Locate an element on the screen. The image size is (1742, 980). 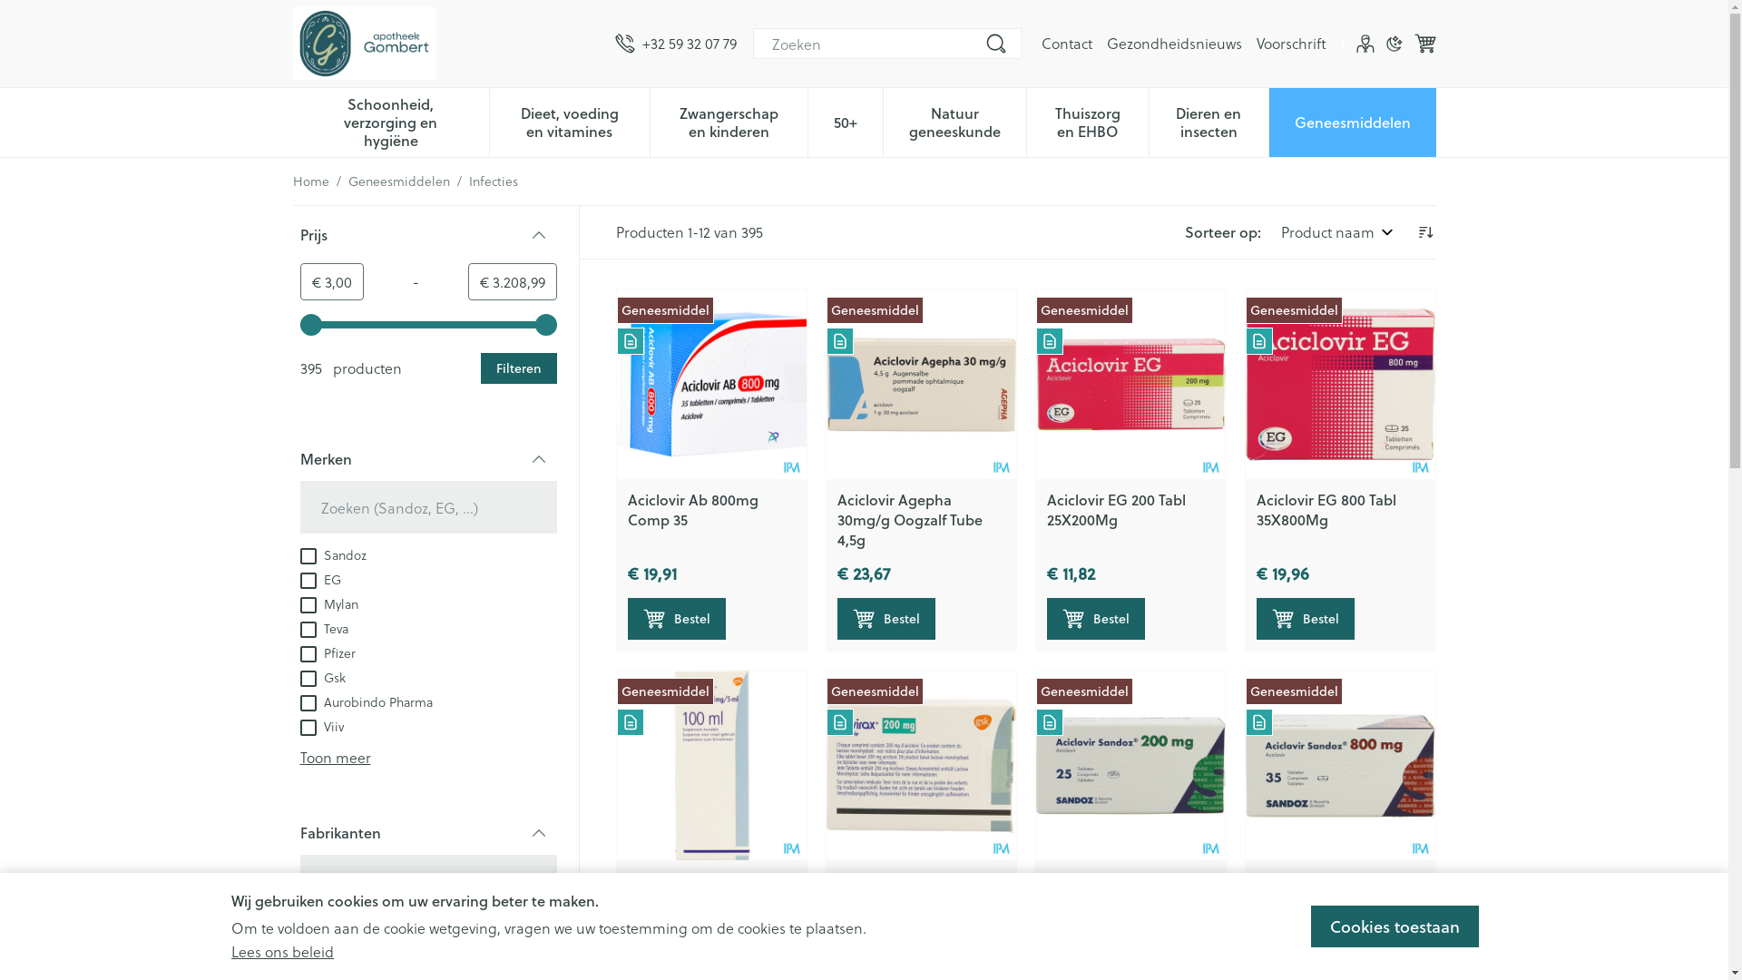
'Sandoz' is located at coordinates (332, 553).